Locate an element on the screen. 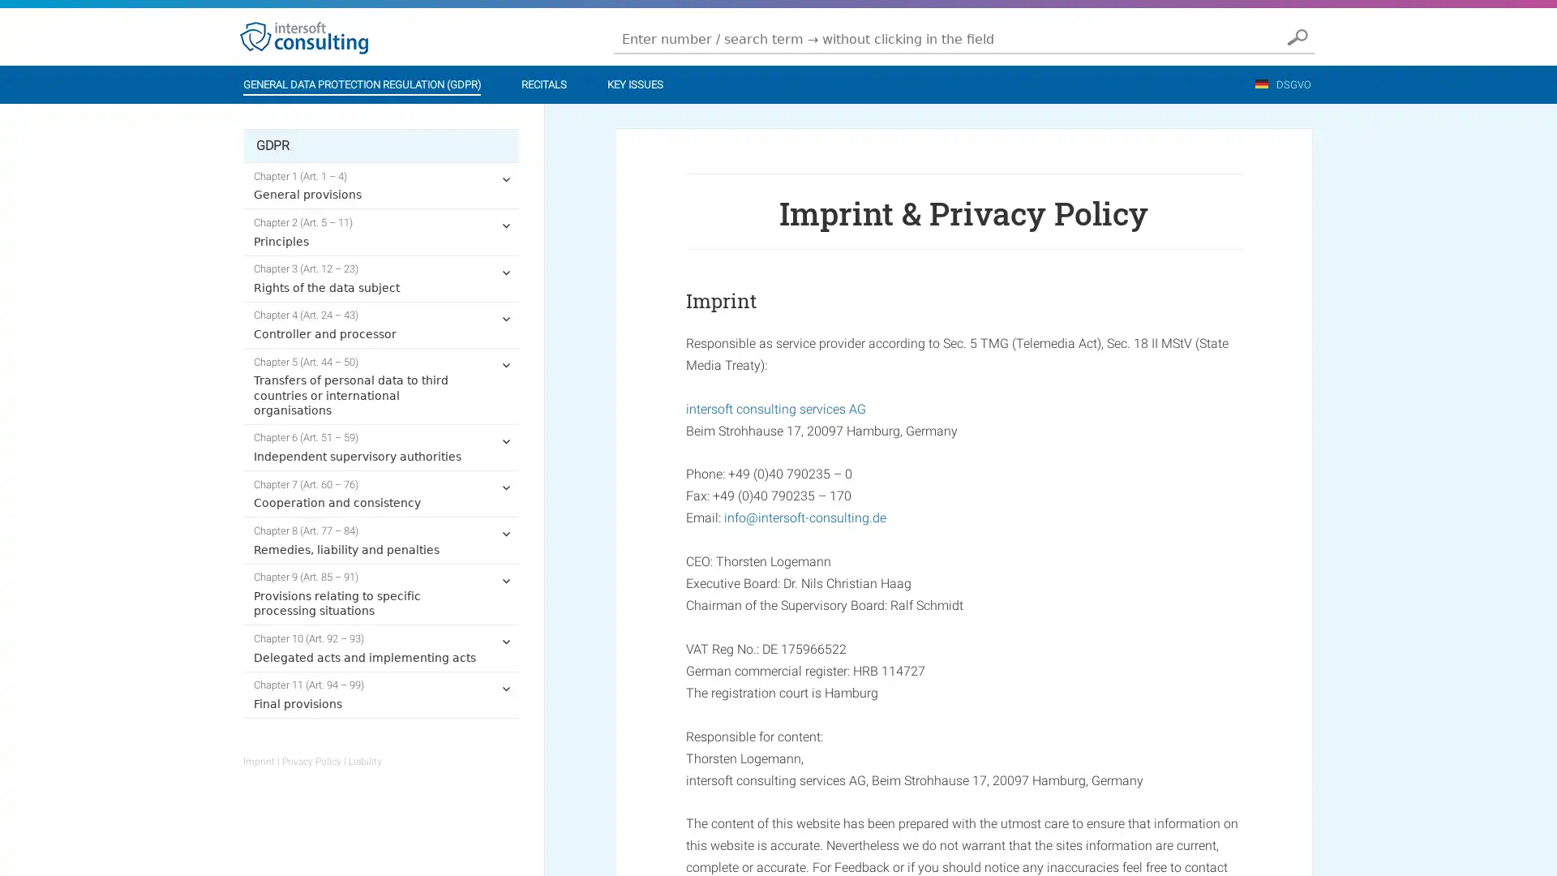  expand child menu is located at coordinates (505, 178).